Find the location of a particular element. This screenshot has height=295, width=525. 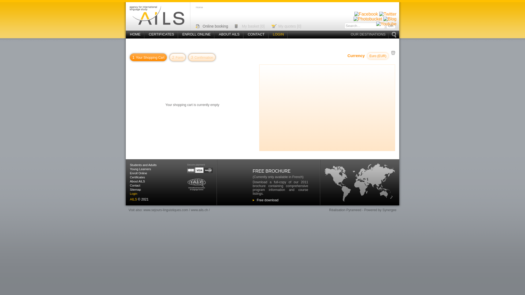

'Home' is located at coordinates (199, 7).